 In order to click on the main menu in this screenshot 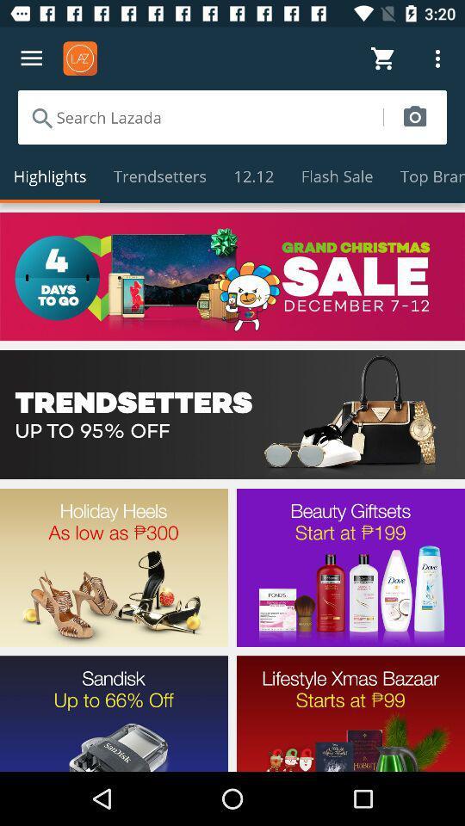, I will do `click(31, 59)`.